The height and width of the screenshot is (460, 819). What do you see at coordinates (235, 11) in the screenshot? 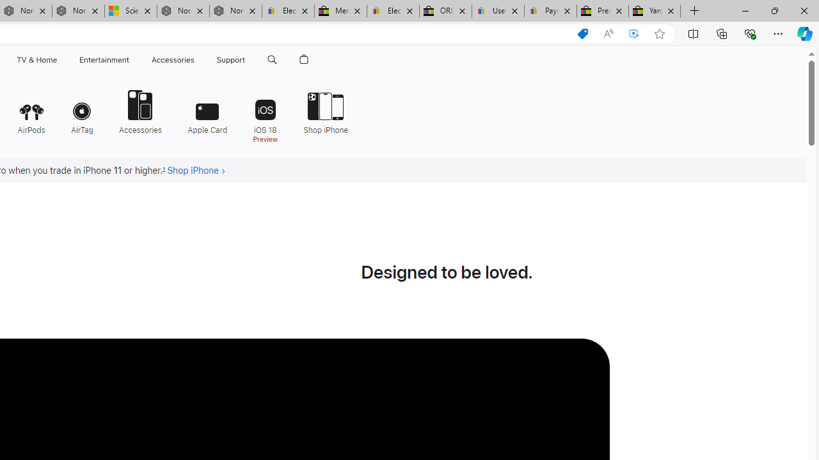
I see `'Nordace - FAQ'` at bounding box center [235, 11].